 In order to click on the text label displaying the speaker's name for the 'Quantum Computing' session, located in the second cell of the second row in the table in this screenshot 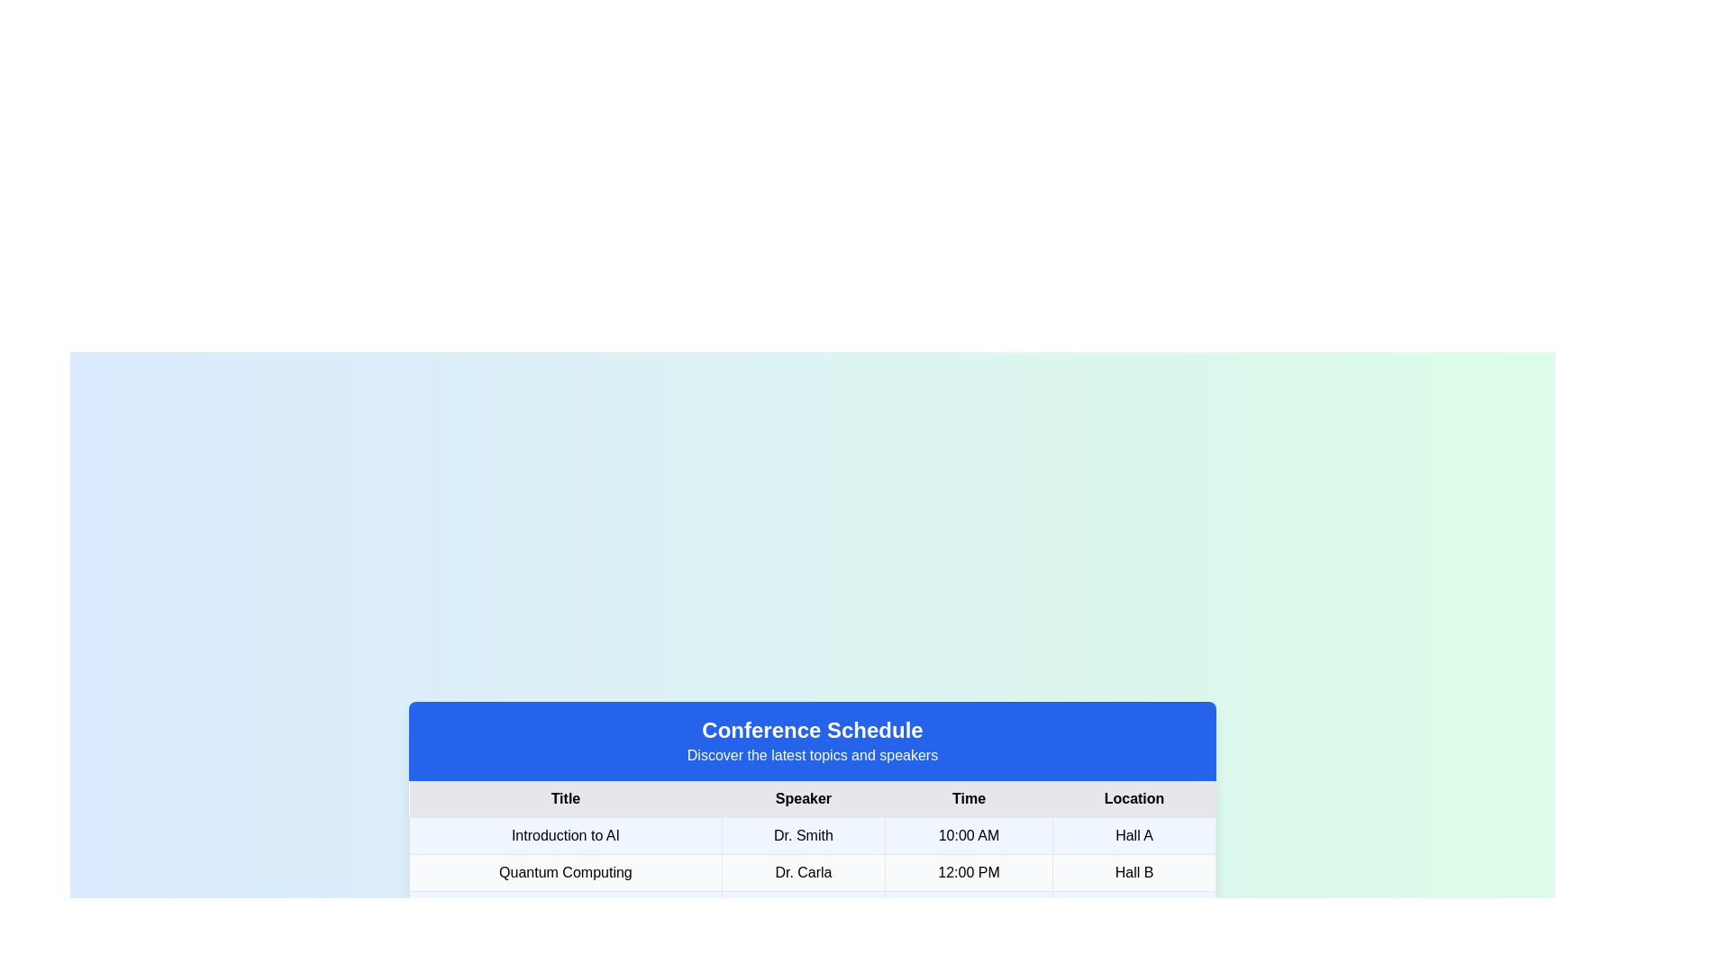, I will do `click(803, 871)`.